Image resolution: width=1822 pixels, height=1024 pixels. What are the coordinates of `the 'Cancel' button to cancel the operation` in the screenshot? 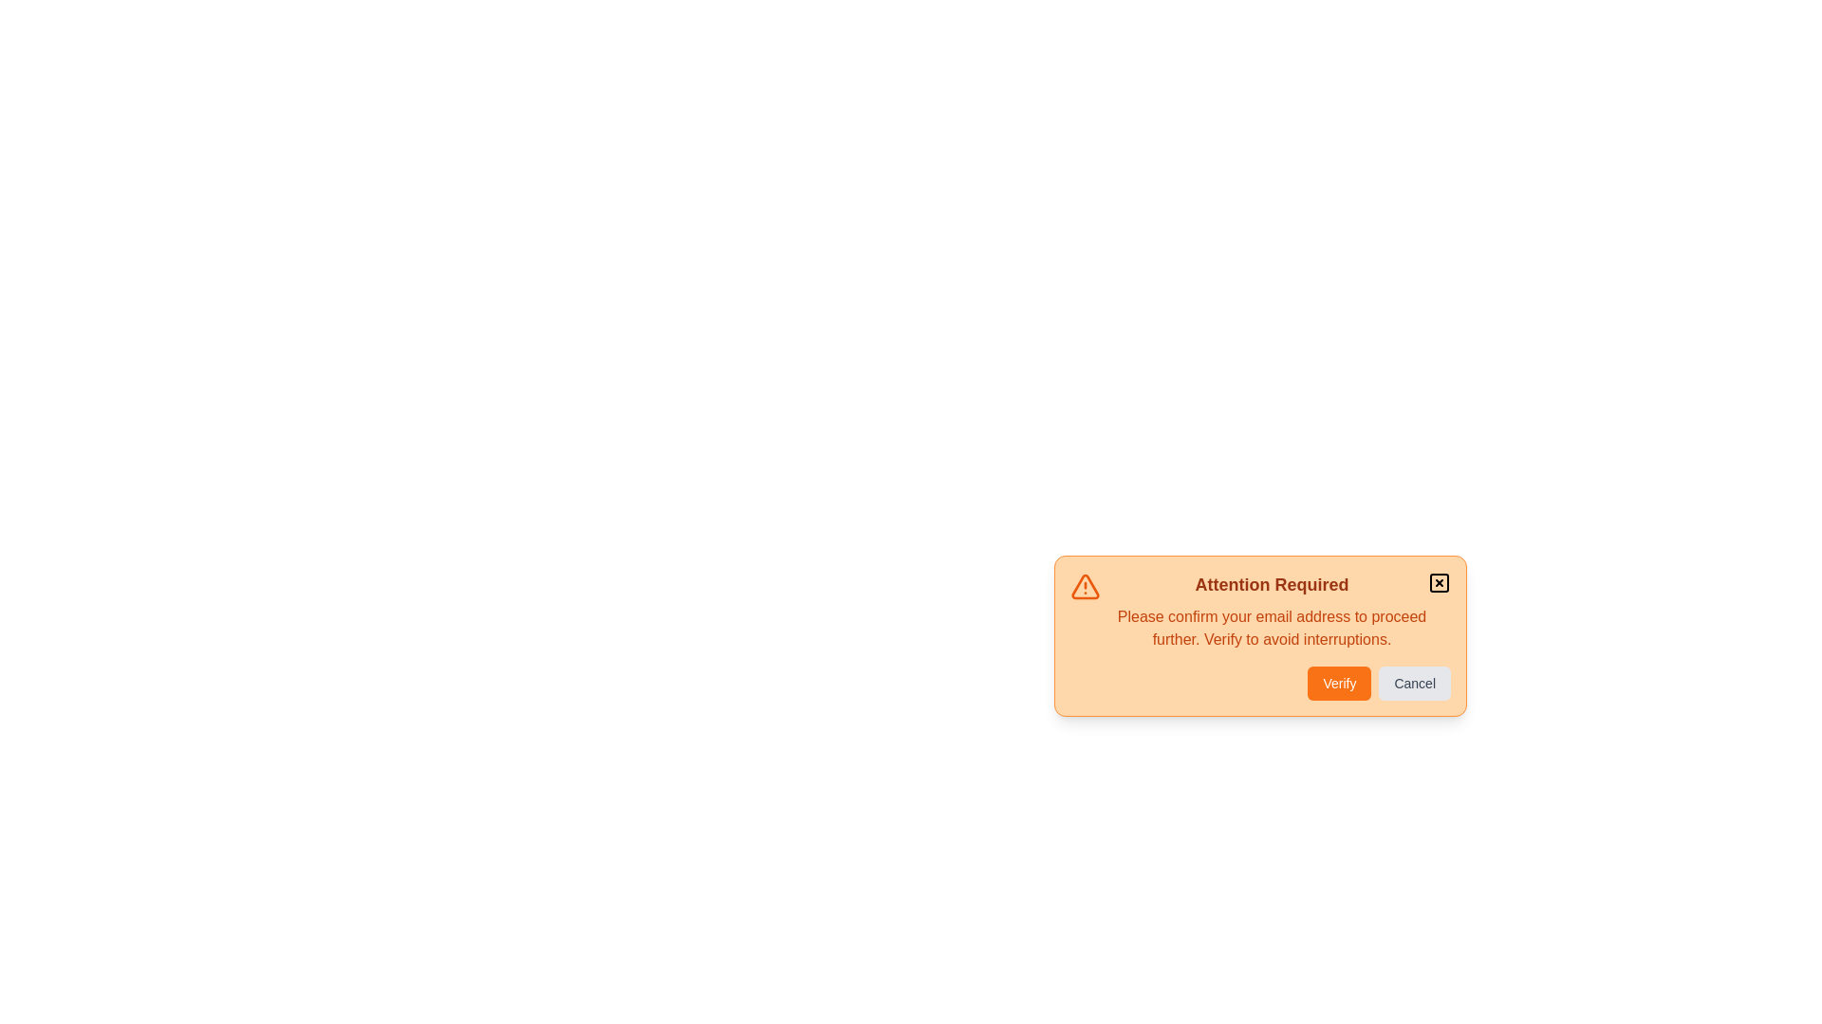 It's located at (1415, 684).